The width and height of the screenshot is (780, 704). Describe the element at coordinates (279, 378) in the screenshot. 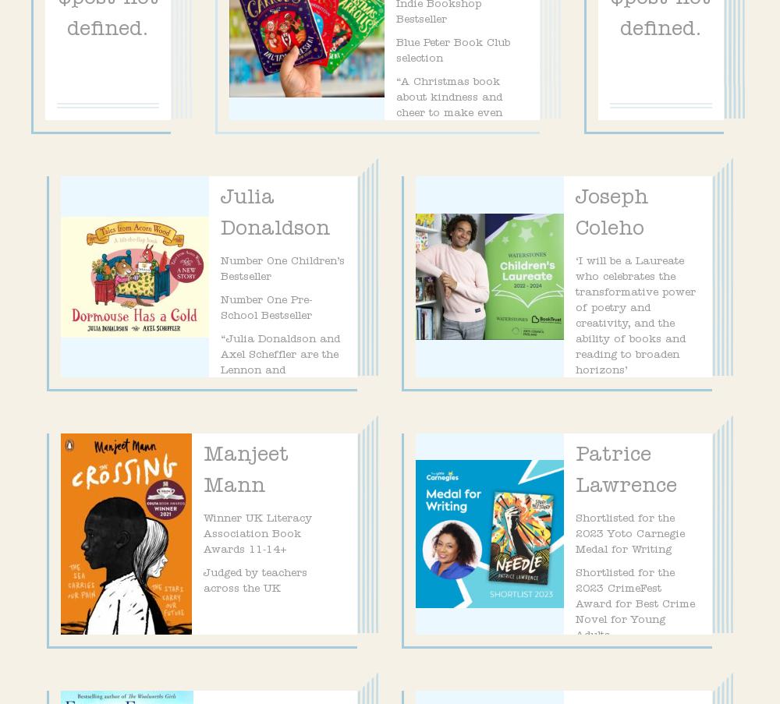

I see `'“Julia Donaldson and Axel Scheffler are the Lennon and McCartney… of children’s publishing.”'` at that location.